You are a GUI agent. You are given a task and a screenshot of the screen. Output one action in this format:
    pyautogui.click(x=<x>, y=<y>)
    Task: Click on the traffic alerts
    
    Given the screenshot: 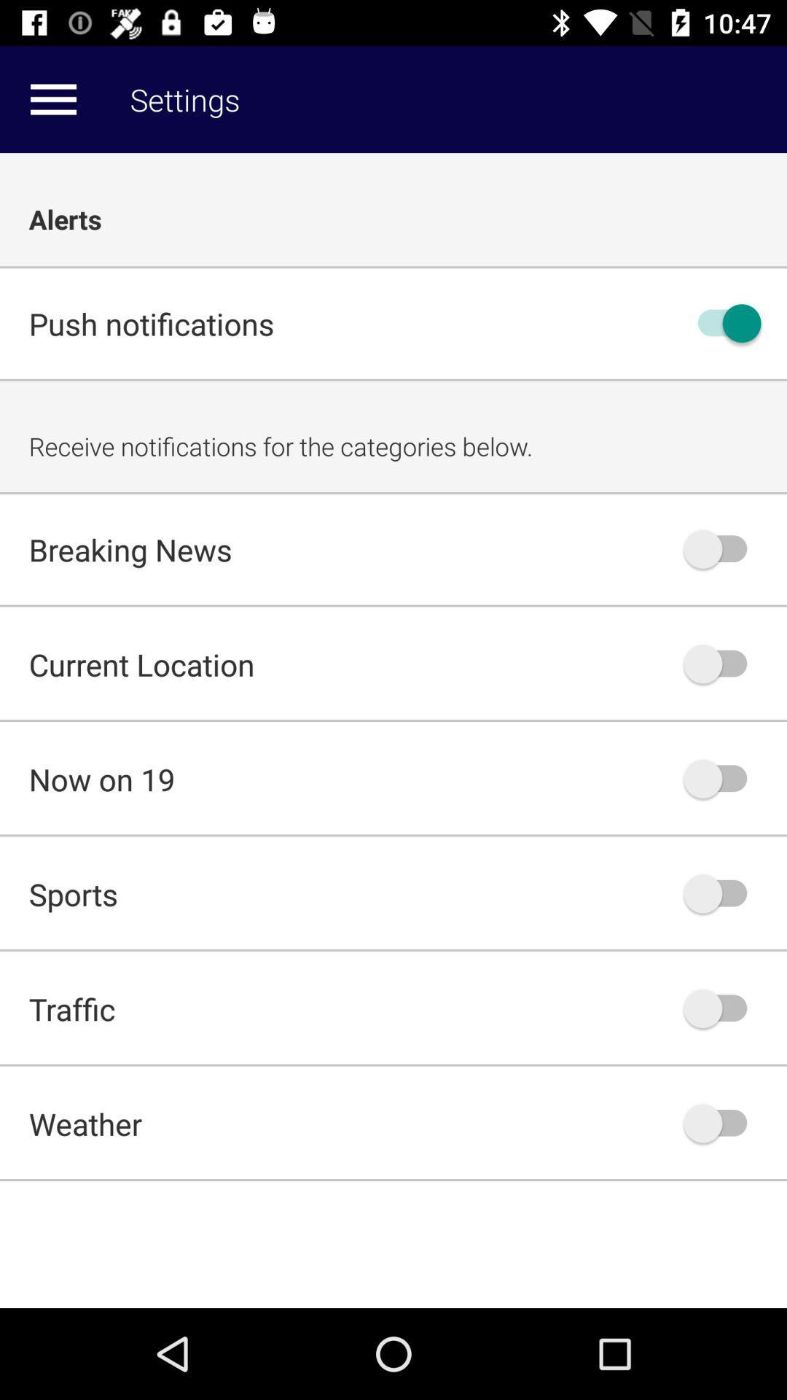 What is the action you would take?
    pyautogui.click(x=722, y=1008)
    